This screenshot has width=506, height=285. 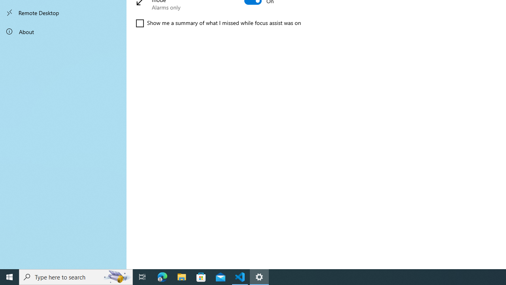 What do you see at coordinates (9, 276) in the screenshot?
I see `'Start'` at bounding box center [9, 276].